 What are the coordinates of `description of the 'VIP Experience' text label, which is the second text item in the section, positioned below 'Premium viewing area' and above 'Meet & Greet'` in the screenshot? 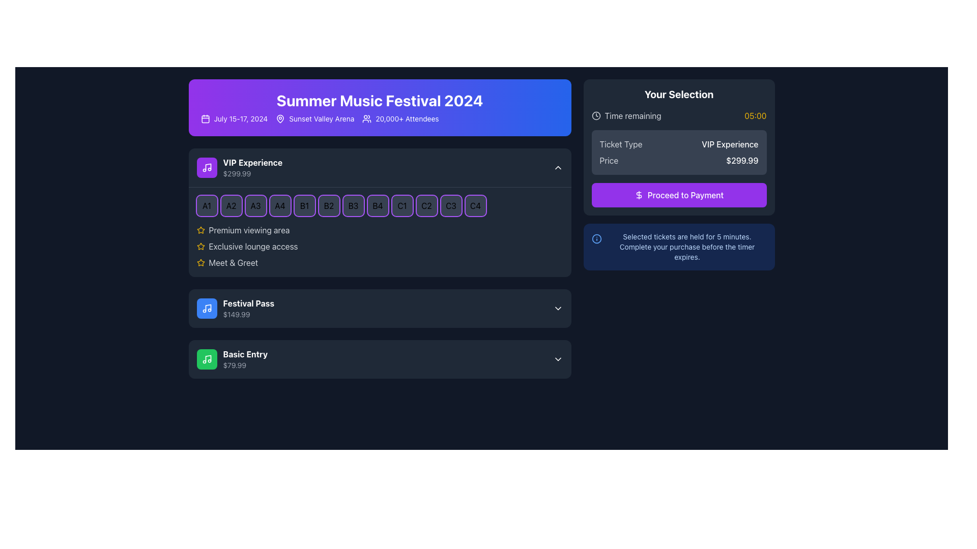 It's located at (253, 247).